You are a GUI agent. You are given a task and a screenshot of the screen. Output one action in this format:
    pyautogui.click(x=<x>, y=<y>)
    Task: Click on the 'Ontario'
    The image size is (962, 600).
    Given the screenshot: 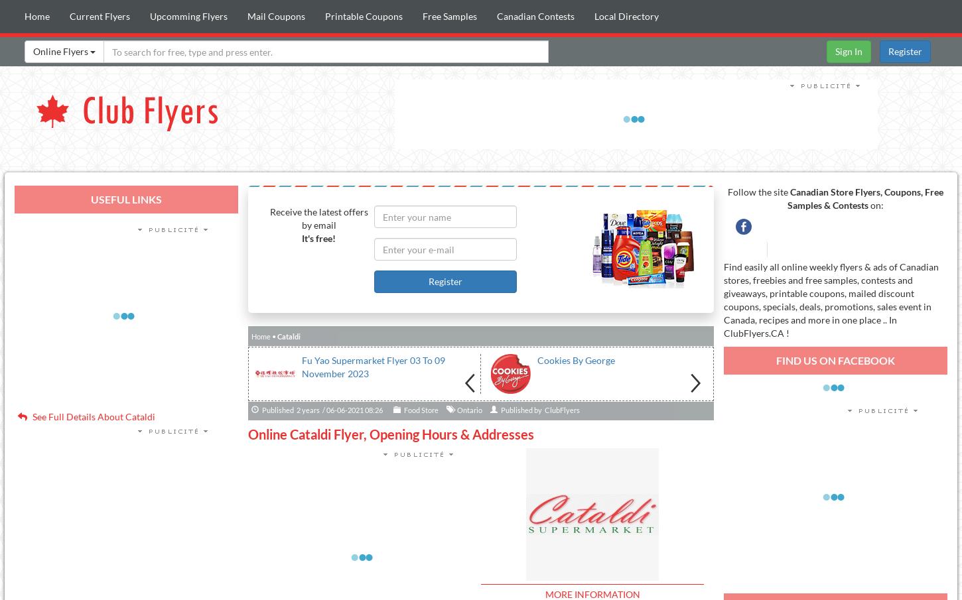 What is the action you would take?
    pyautogui.click(x=468, y=409)
    